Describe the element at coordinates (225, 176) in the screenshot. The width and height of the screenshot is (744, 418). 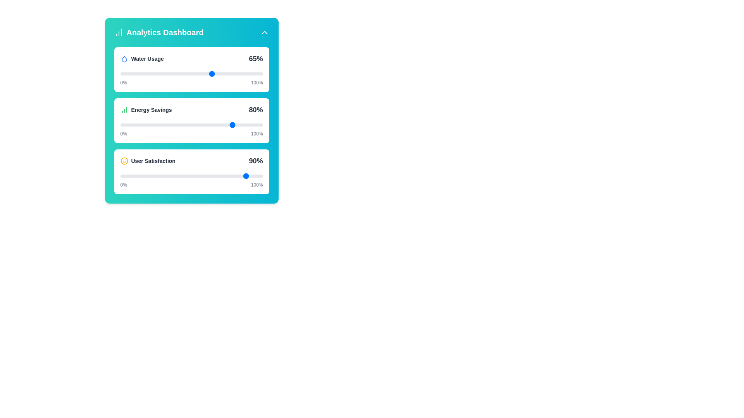
I see `User Satisfaction` at that location.